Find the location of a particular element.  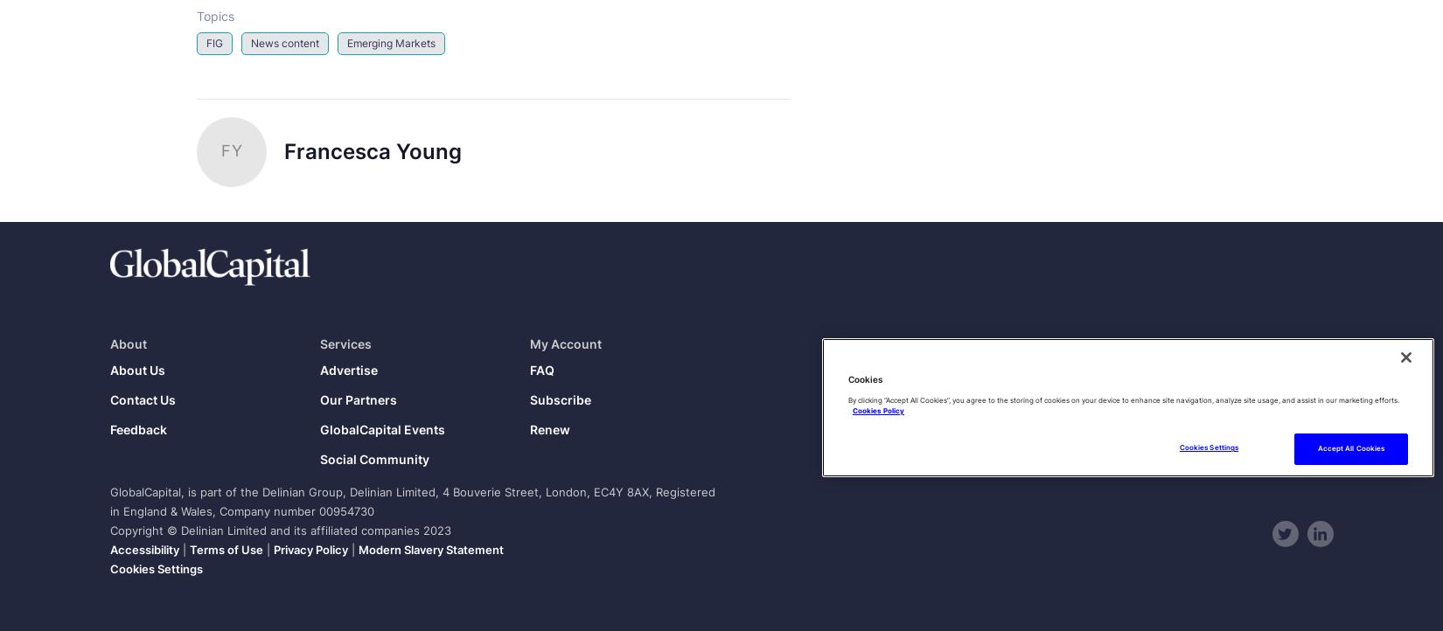

'FIG' is located at coordinates (214, 42).